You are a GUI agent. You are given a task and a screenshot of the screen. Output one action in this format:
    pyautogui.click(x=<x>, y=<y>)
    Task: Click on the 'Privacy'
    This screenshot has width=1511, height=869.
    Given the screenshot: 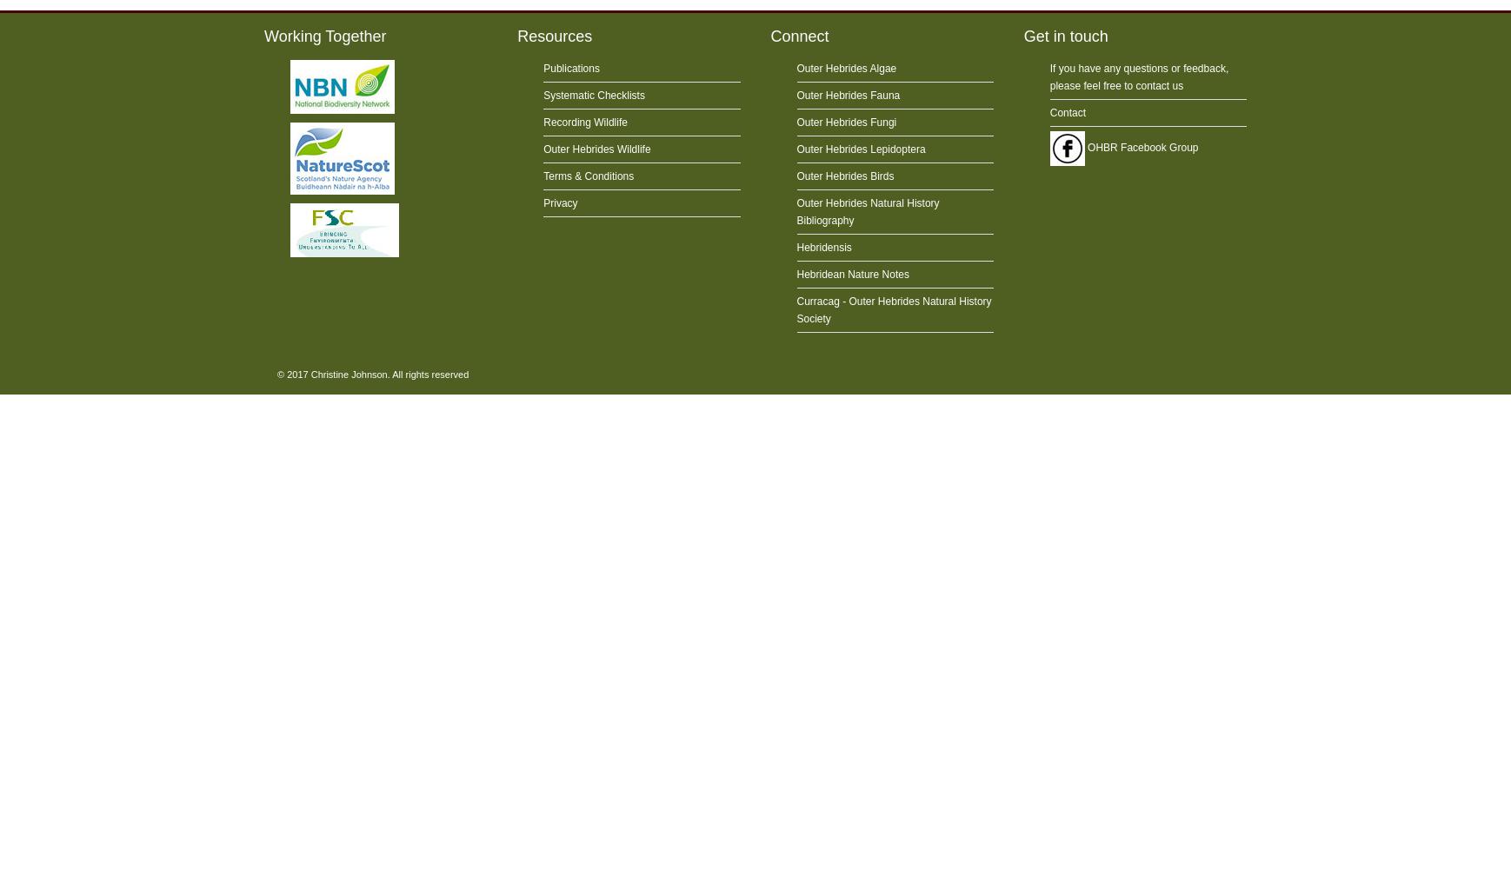 What is the action you would take?
    pyautogui.click(x=560, y=202)
    